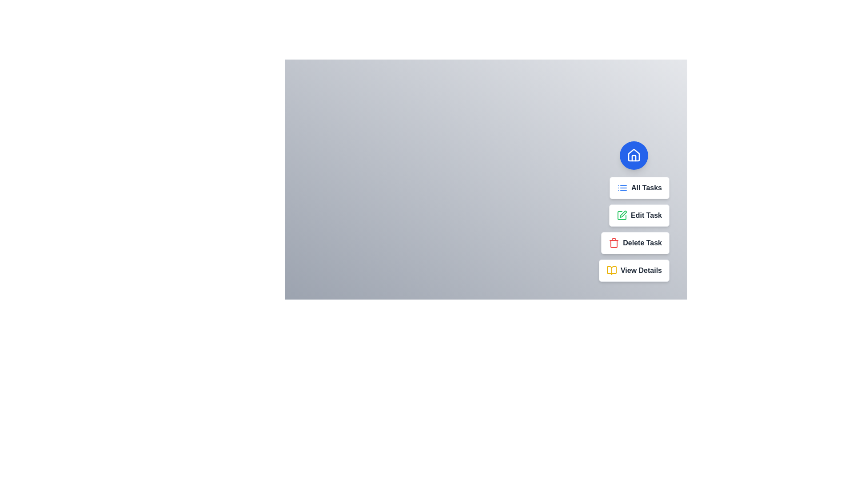 The image size is (853, 480). Describe the element at coordinates (639, 188) in the screenshot. I see `the task option All Tasks from the speed dial menu` at that location.